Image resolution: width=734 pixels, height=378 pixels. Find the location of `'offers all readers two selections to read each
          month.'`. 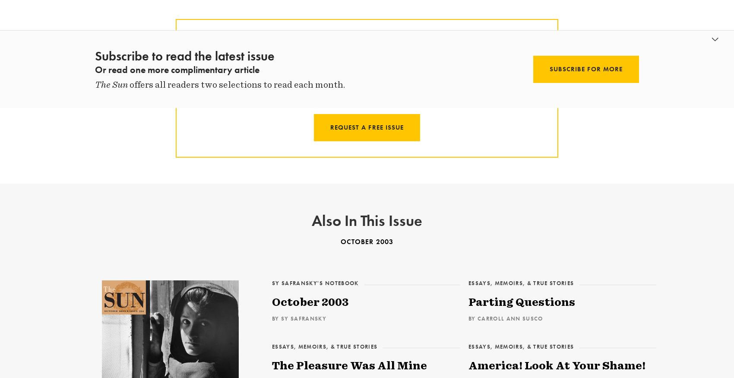

'offers all readers two selections to read each
          month.' is located at coordinates (236, 84).